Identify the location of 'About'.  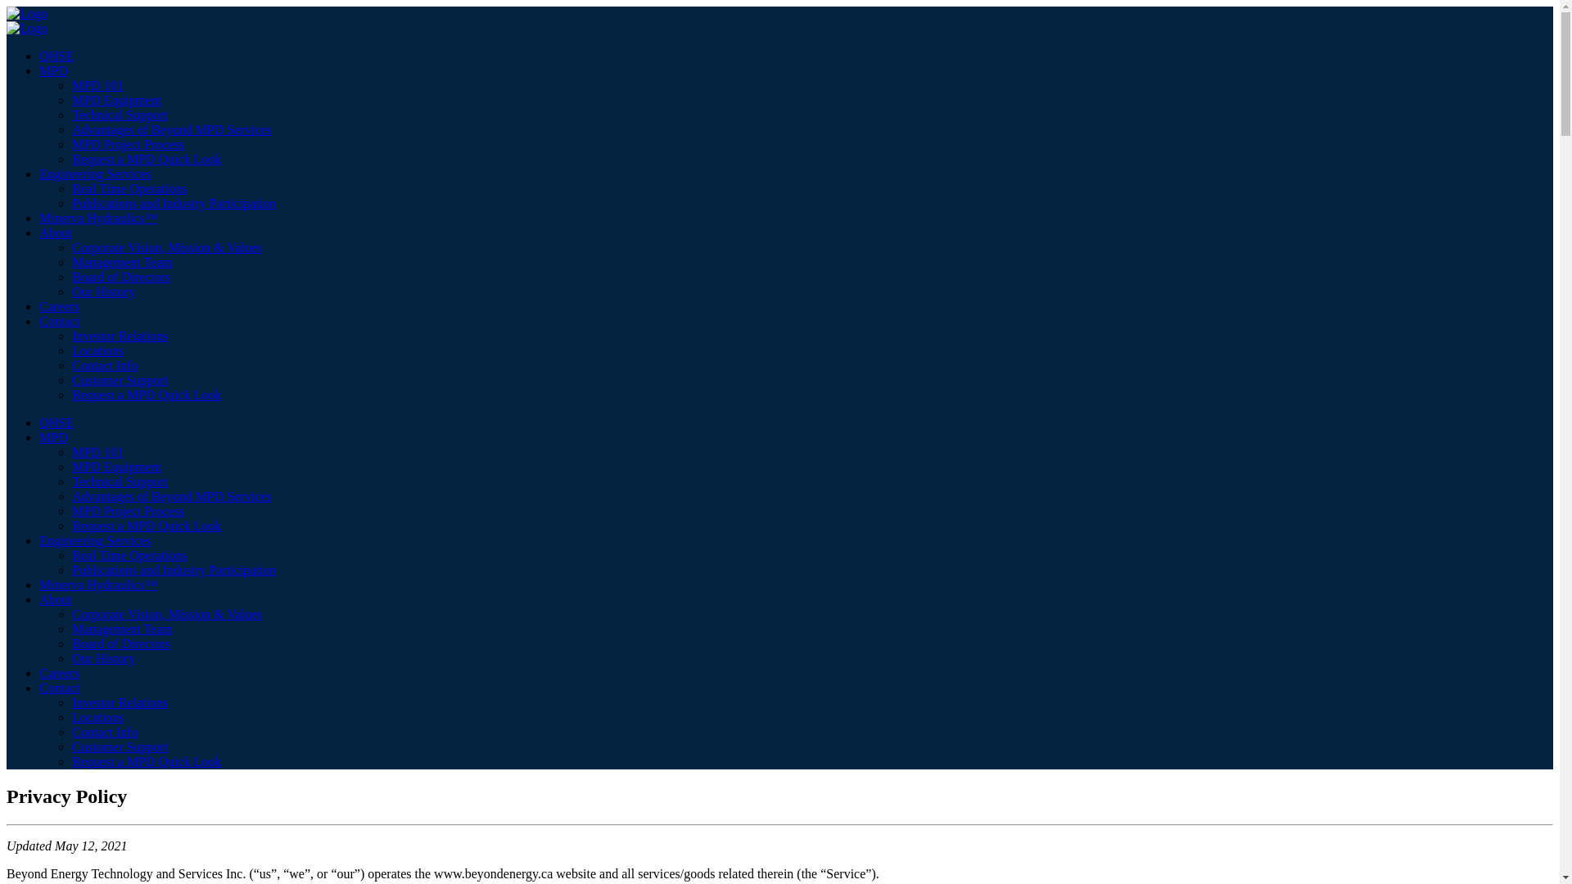
(55, 232).